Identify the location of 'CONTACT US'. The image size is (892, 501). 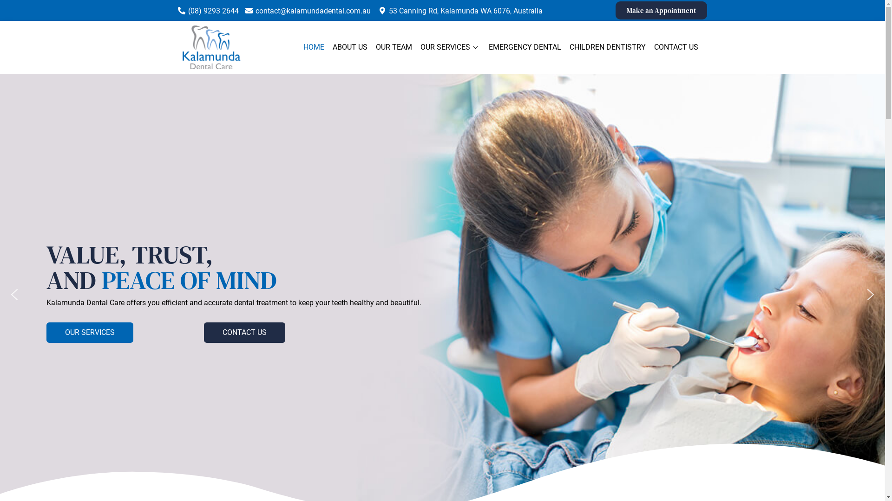
(203, 332).